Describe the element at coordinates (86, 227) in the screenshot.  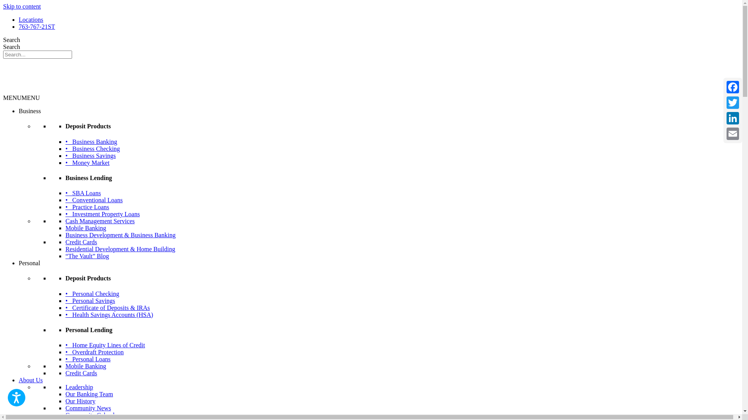
I see `'Mobile Banking'` at that location.